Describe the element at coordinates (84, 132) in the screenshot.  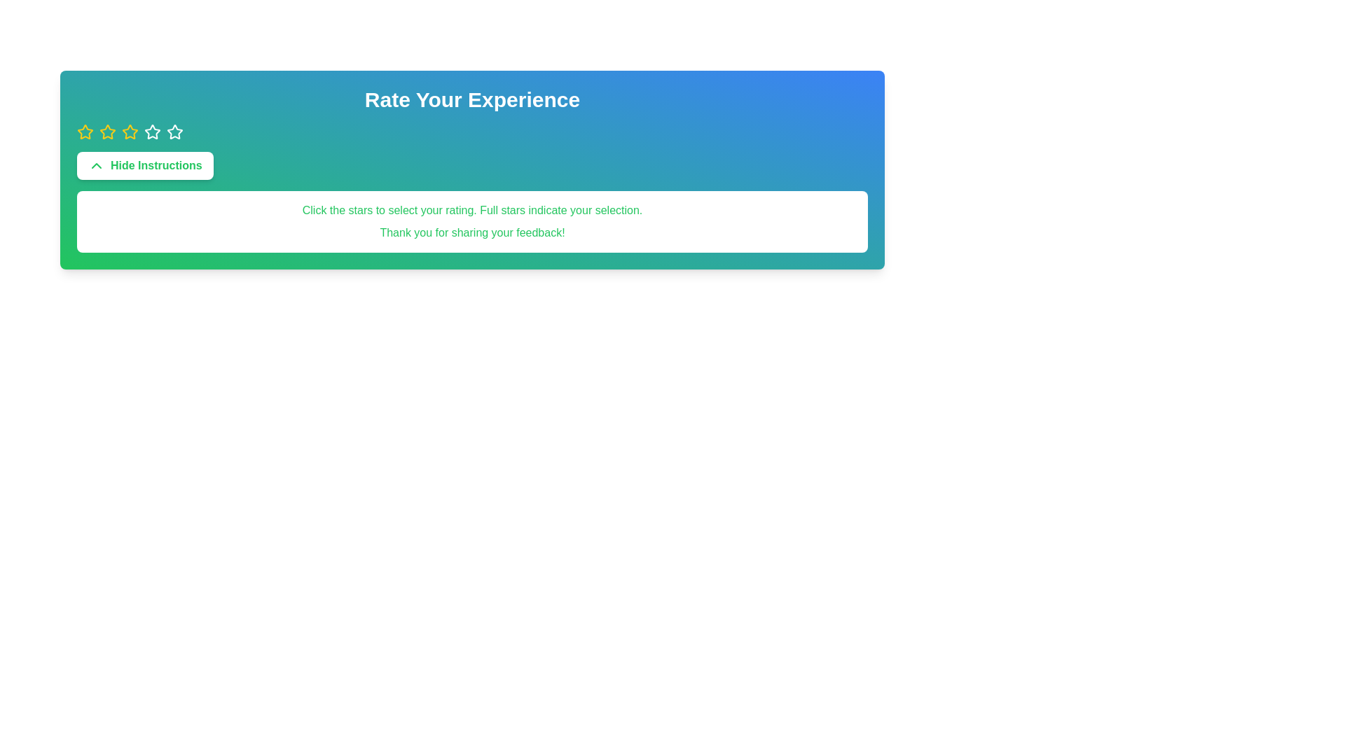
I see `the first interactive star icon in the rating system, located at the top-left corner of the card-like area` at that location.